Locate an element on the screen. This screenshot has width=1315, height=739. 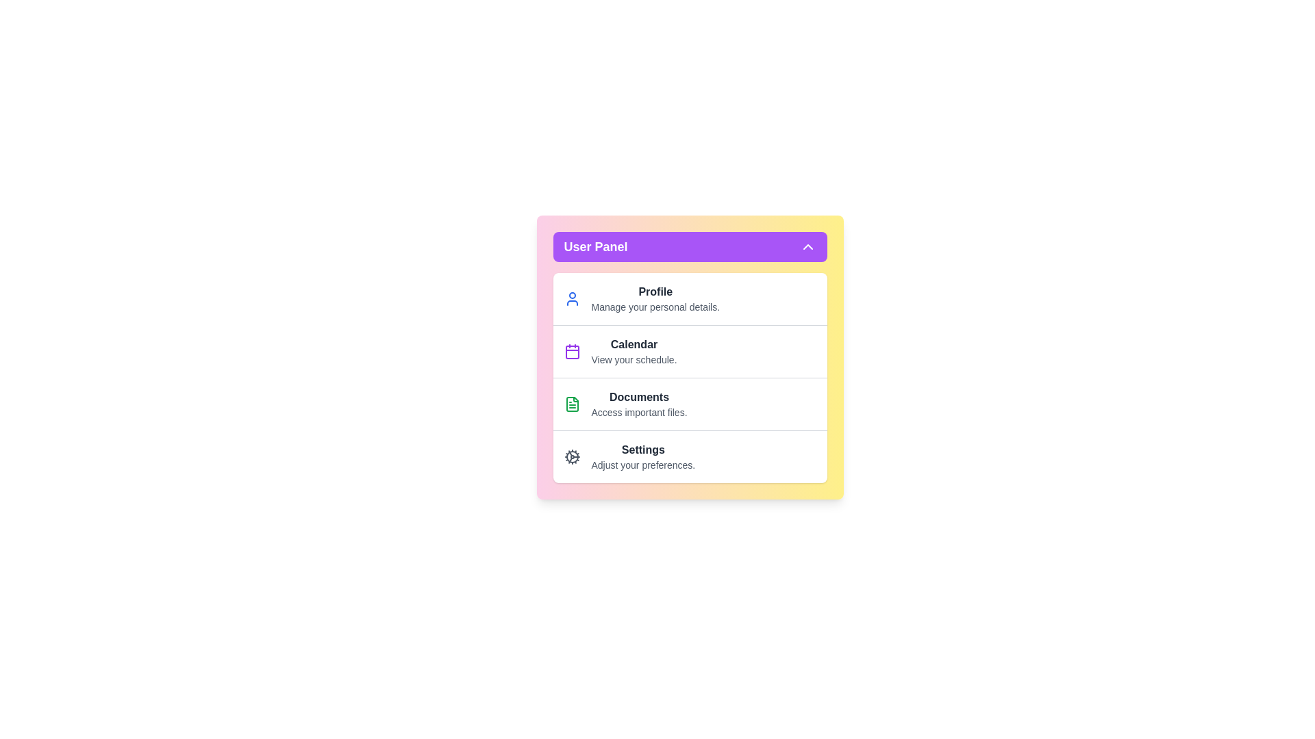
the 'Documents' section title in the user panel, which serves as a heading indicating access to relevant files is located at coordinates (638, 398).